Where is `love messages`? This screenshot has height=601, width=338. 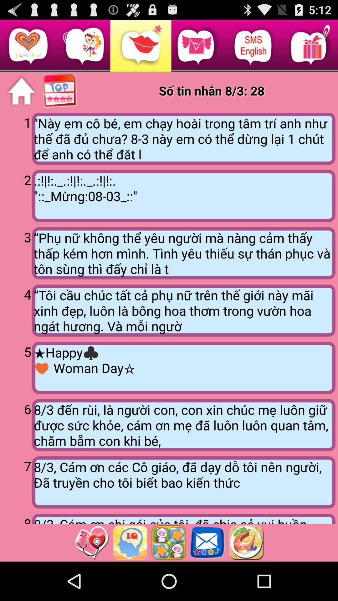
love messages is located at coordinates (21, 91).